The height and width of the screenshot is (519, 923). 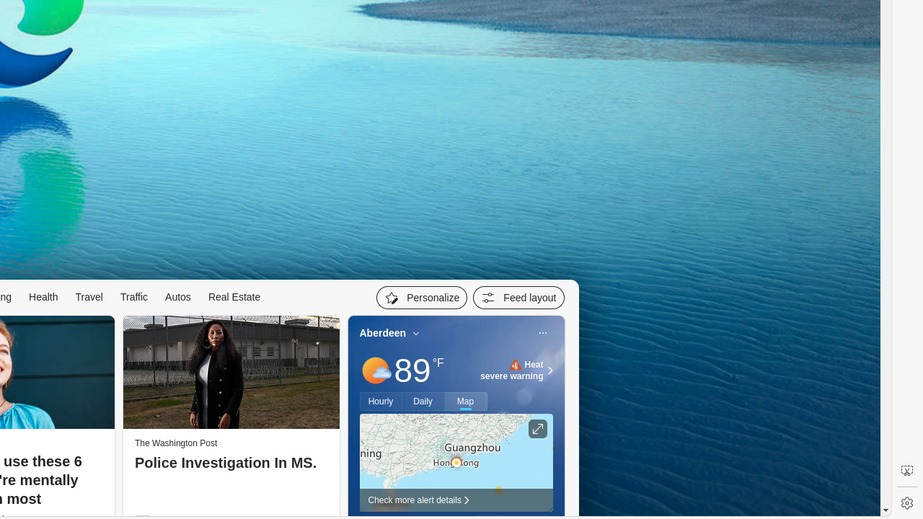 I want to click on 'Heat - Severe Heat severe warning', so click(x=512, y=370).